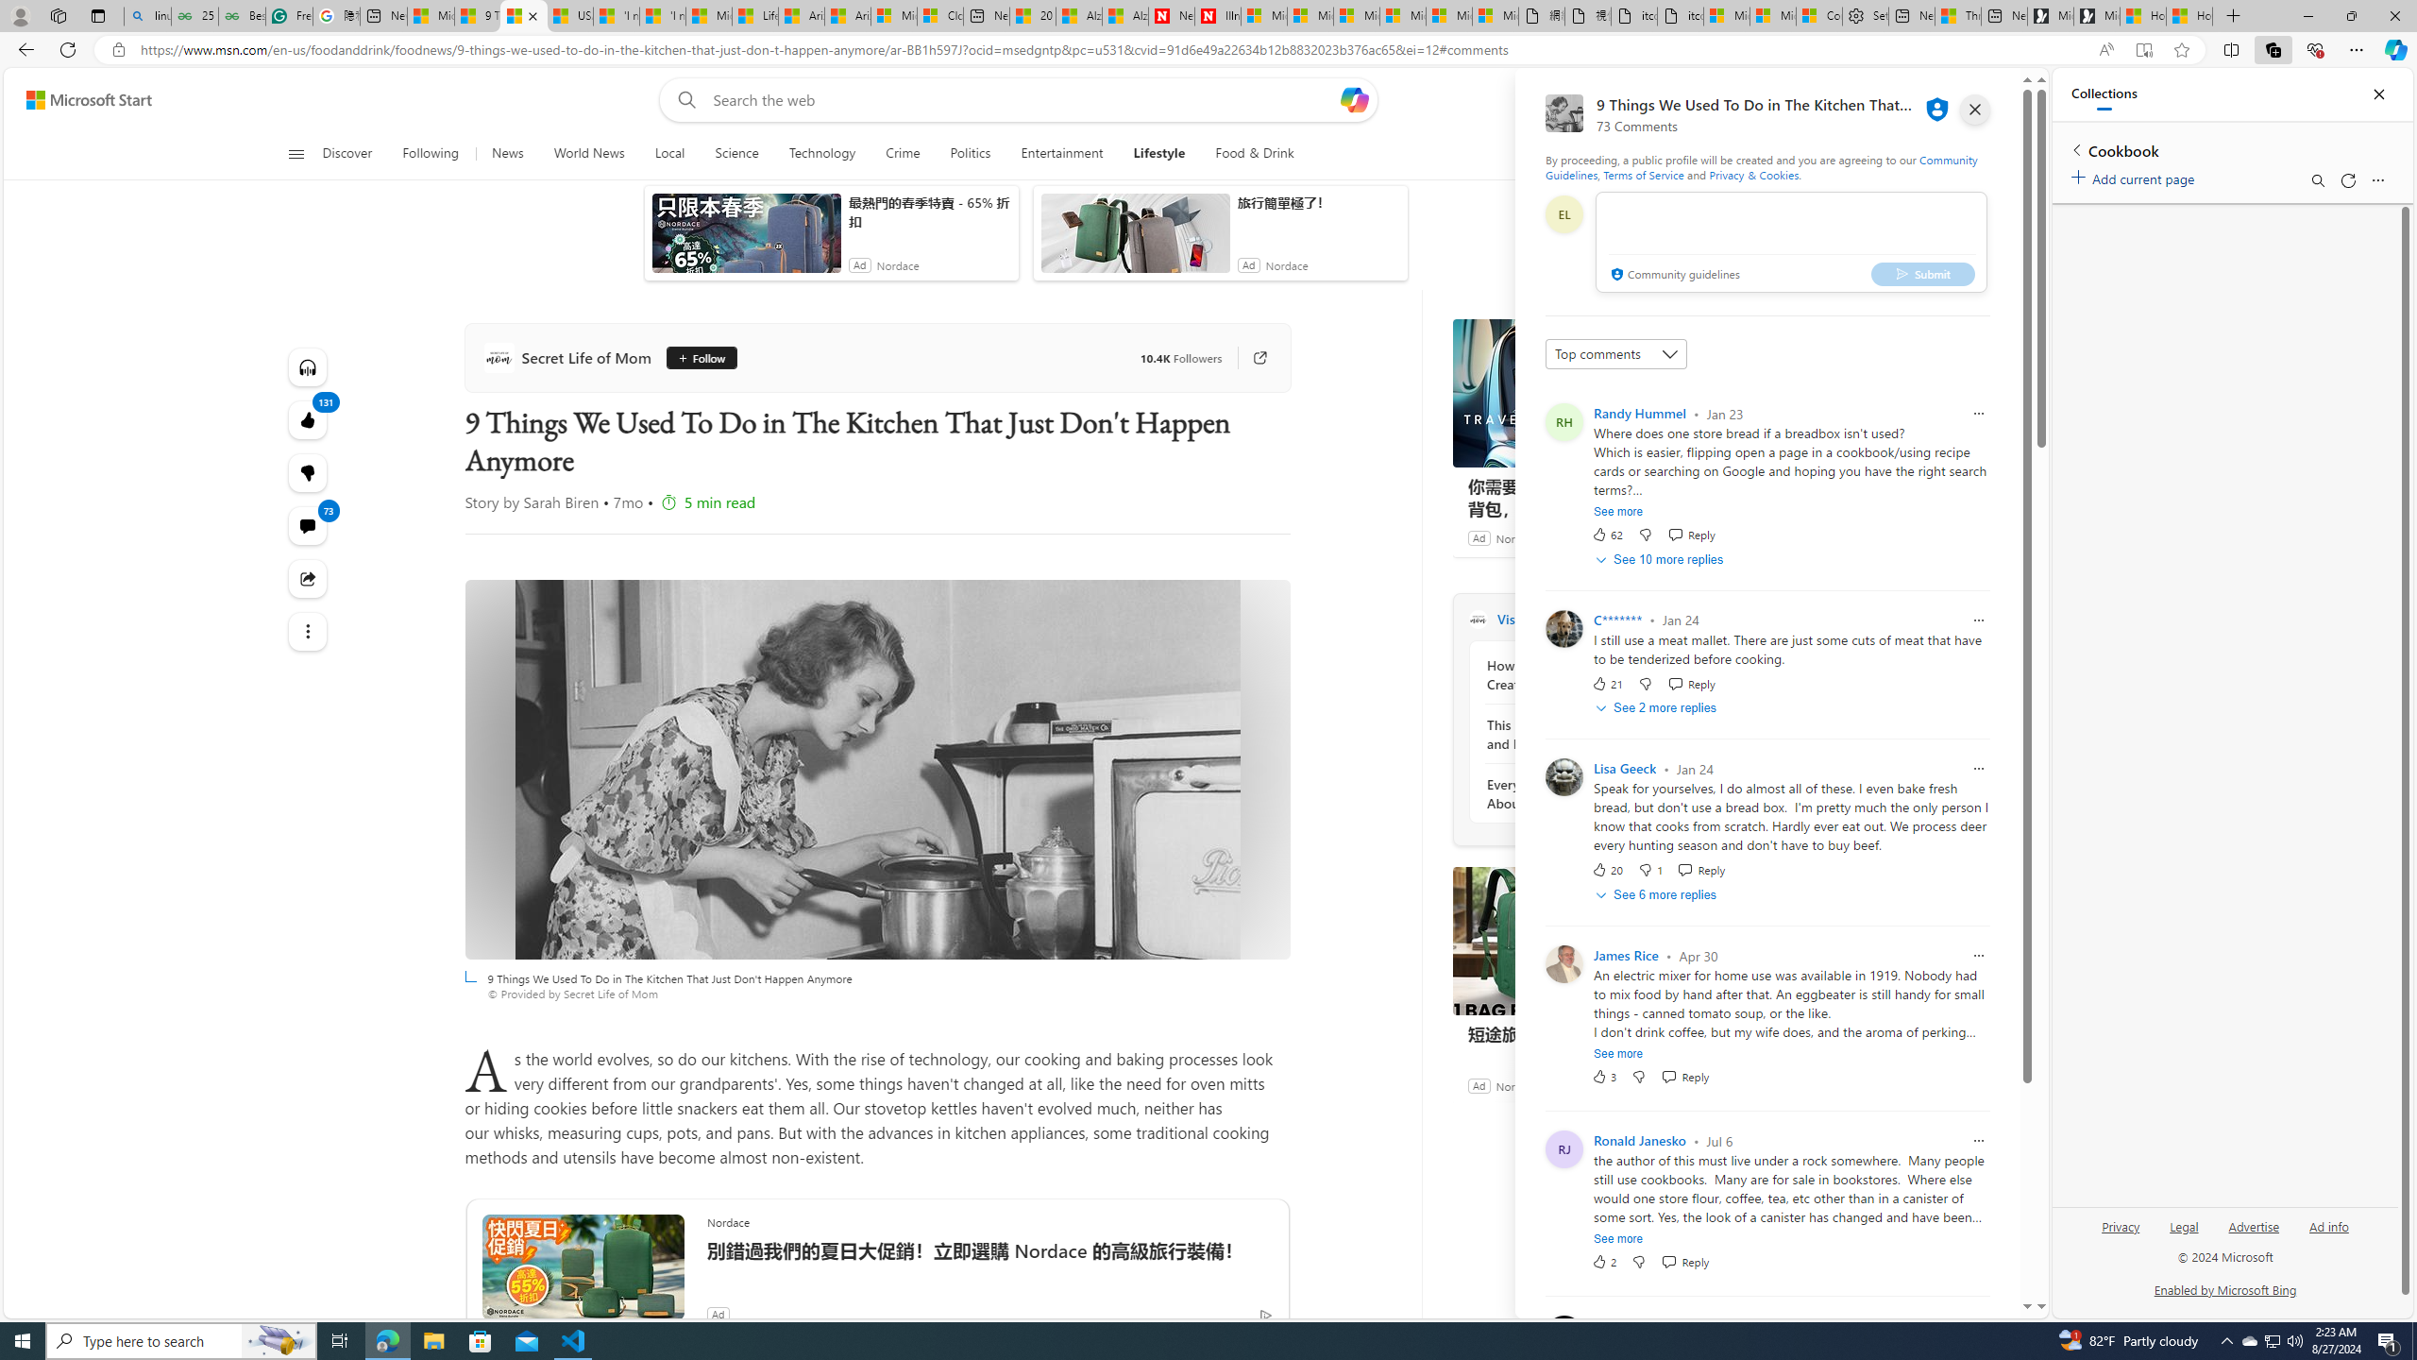  What do you see at coordinates (1615, 354) in the screenshot?
I see `'Sort comments by'` at bounding box center [1615, 354].